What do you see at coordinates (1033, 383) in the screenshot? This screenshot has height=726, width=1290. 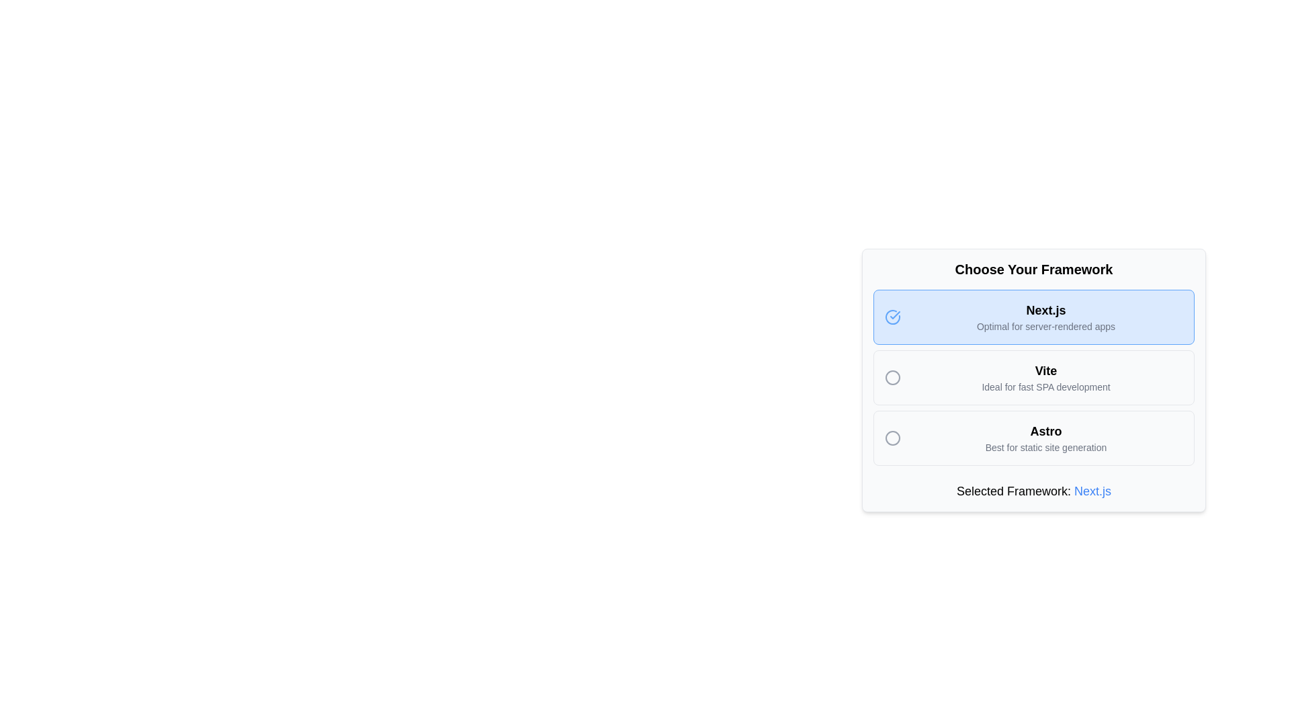 I see `the radio button` at bounding box center [1033, 383].